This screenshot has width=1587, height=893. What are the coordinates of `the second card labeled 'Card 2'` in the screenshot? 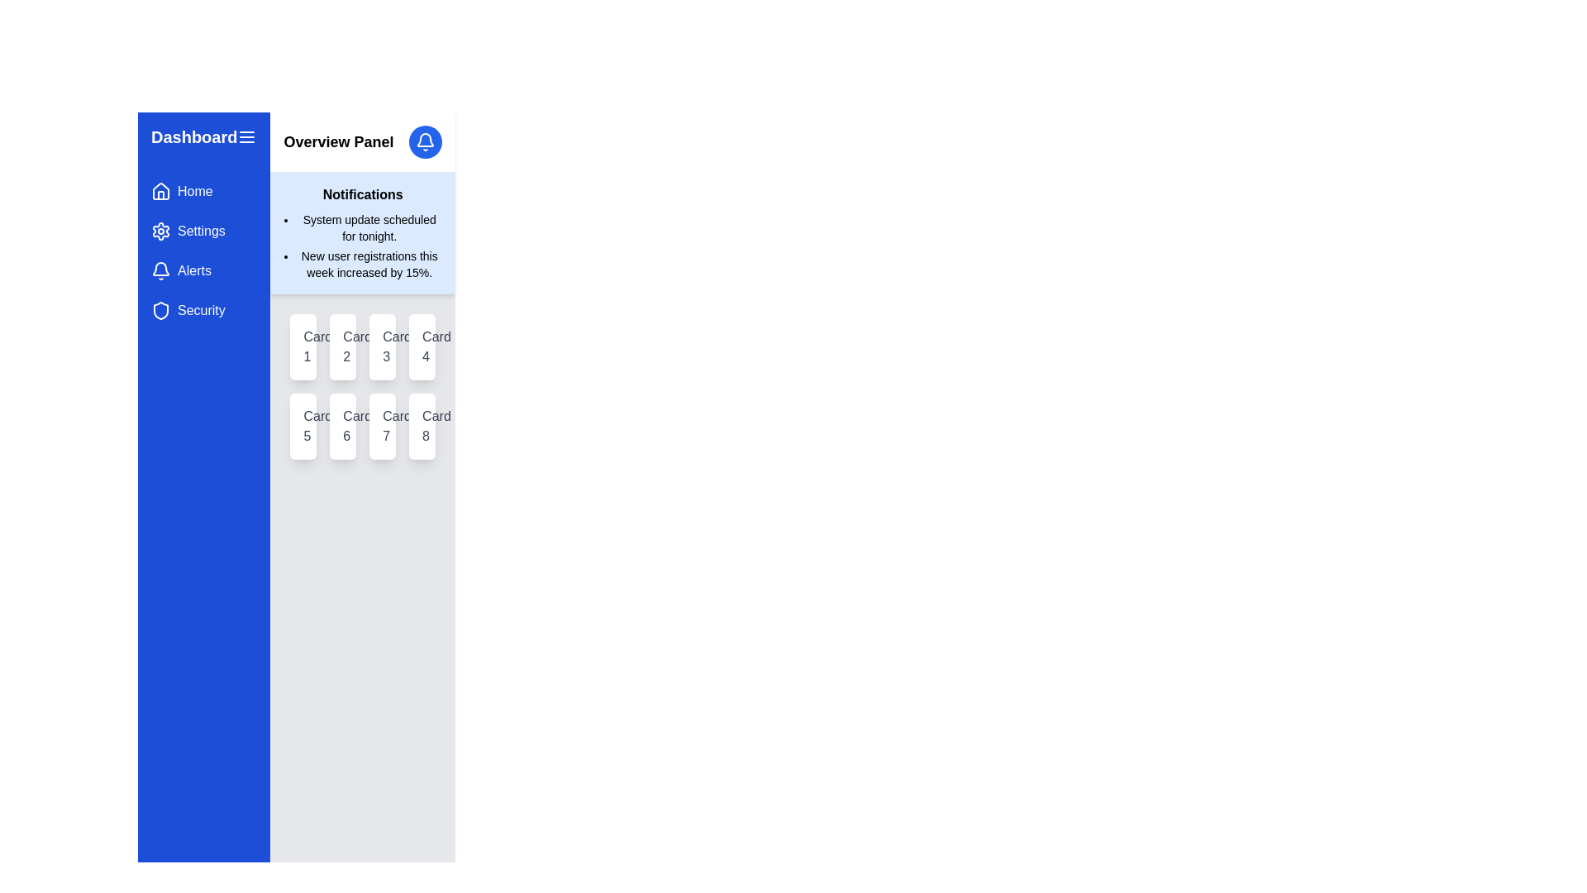 It's located at (341, 346).